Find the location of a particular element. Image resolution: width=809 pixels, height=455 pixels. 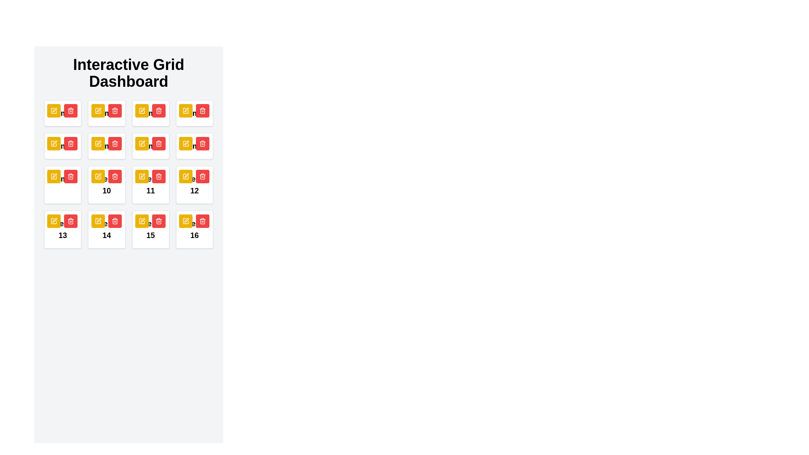

the edit button located in the first row and first column of the 'Interactive Grid Dashboard' is located at coordinates (142, 143).